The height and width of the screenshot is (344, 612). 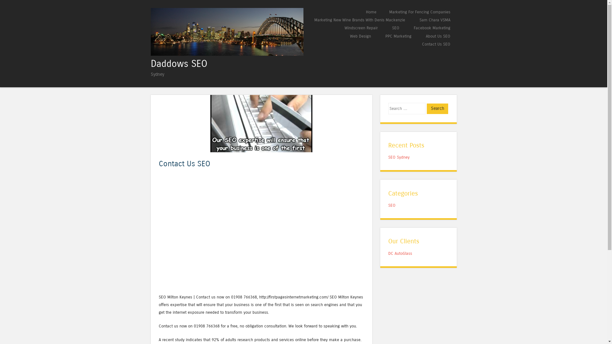 I want to click on 'PPC Marketing', so click(x=397, y=36).